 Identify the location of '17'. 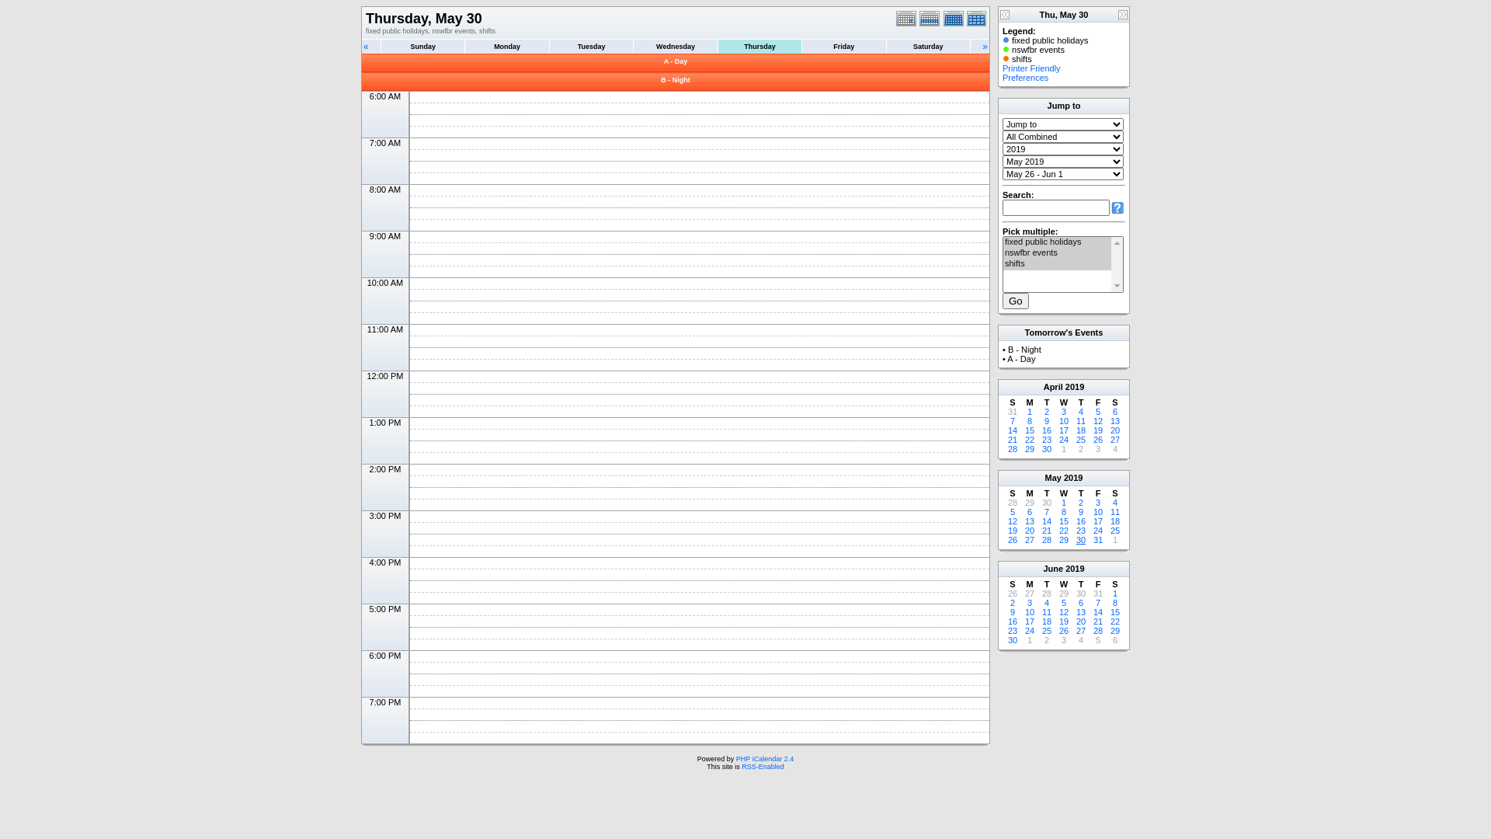
(1029, 620).